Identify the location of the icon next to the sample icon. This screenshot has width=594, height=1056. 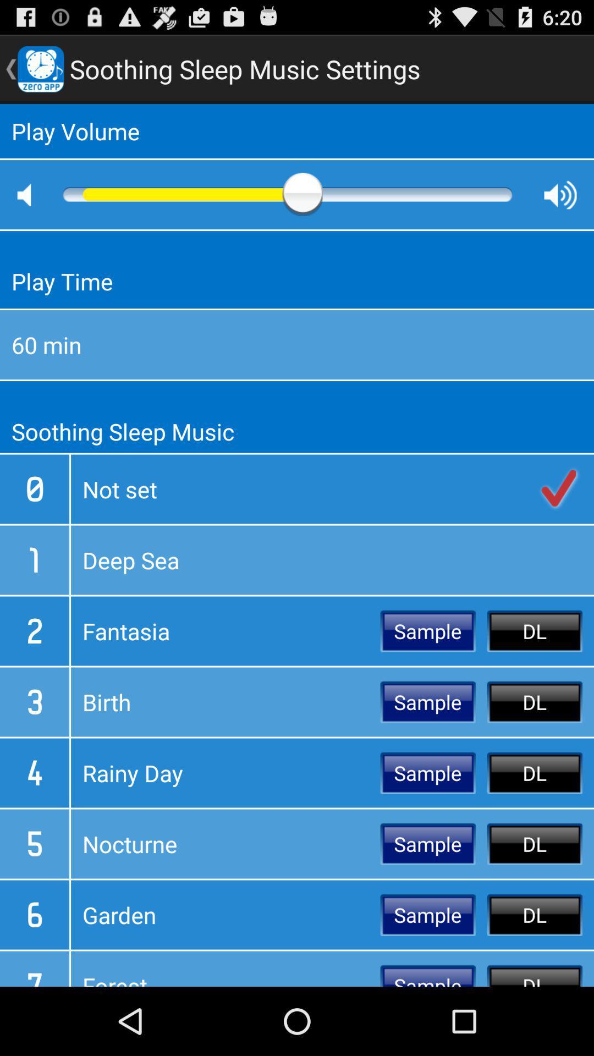
(225, 969).